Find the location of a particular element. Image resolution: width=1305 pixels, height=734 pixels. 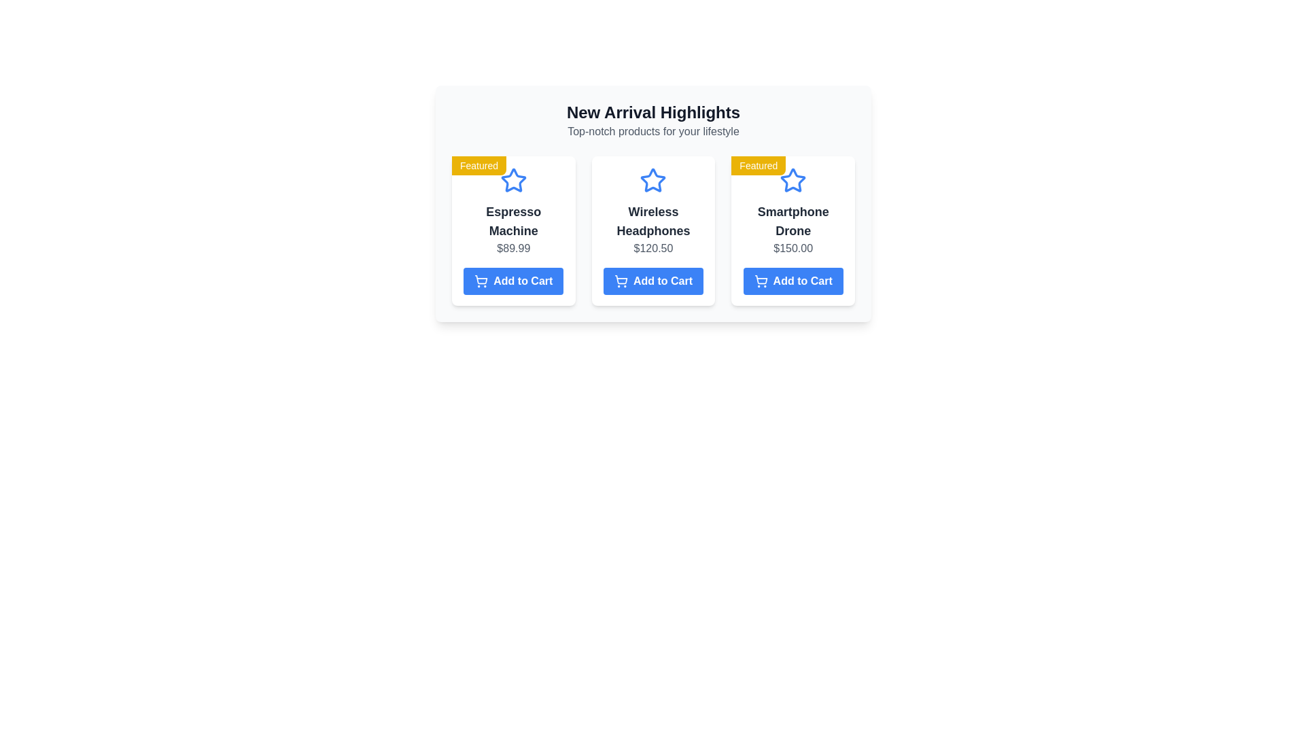

the price label displaying '$120.50' beneath the product name 'Wireless Headphones' and above the 'Add to Cart' button is located at coordinates (653, 249).